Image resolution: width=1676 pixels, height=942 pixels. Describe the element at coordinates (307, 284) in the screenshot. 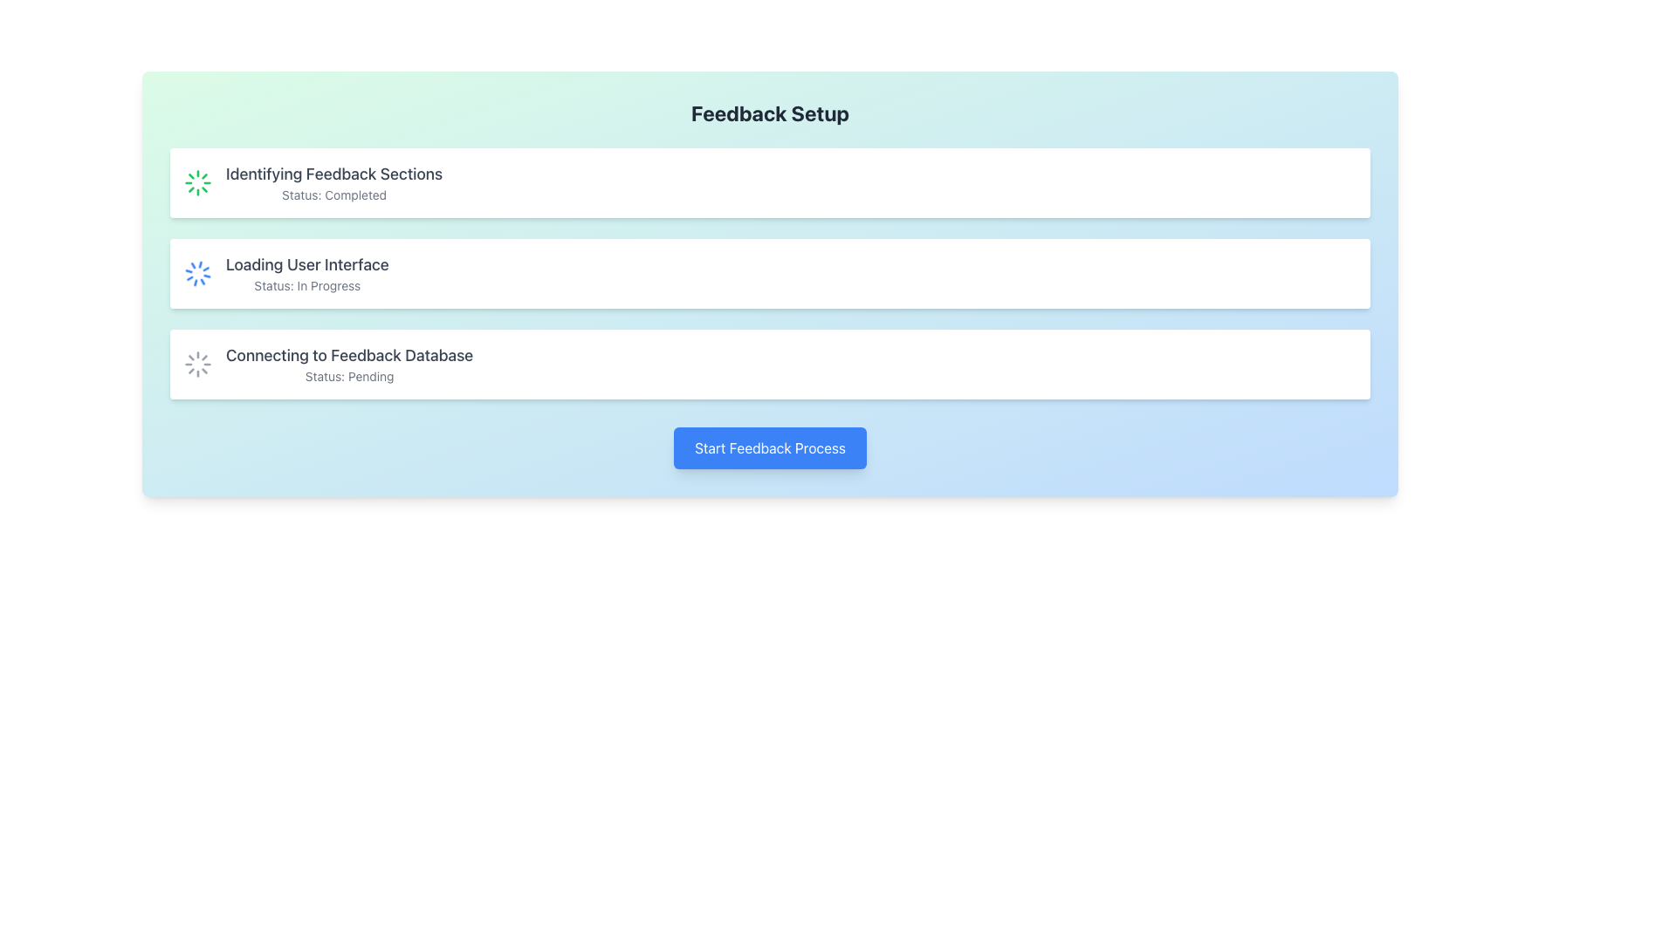

I see `the text label displaying 'Status: In Progress', which is located below the header 'Loading User Interface' within a white rectangular card` at that location.